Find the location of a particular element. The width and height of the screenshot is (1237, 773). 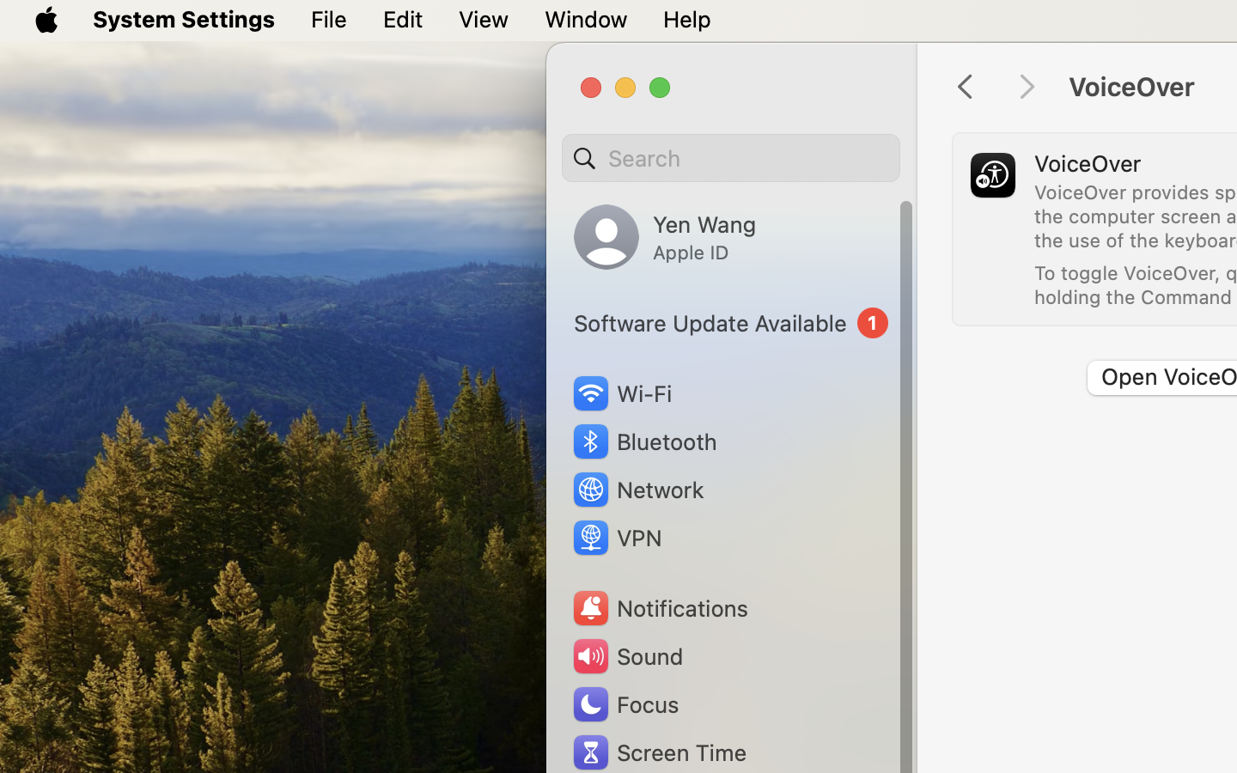

'Focus' is located at coordinates (624, 703).